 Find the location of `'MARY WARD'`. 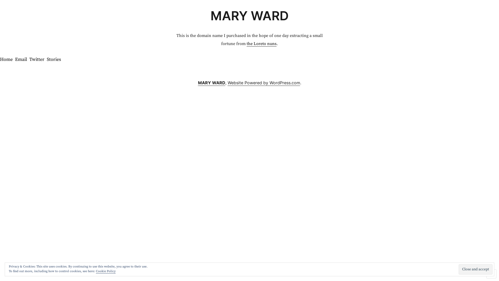

'MARY WARD' is located at coordinates (212, 82).